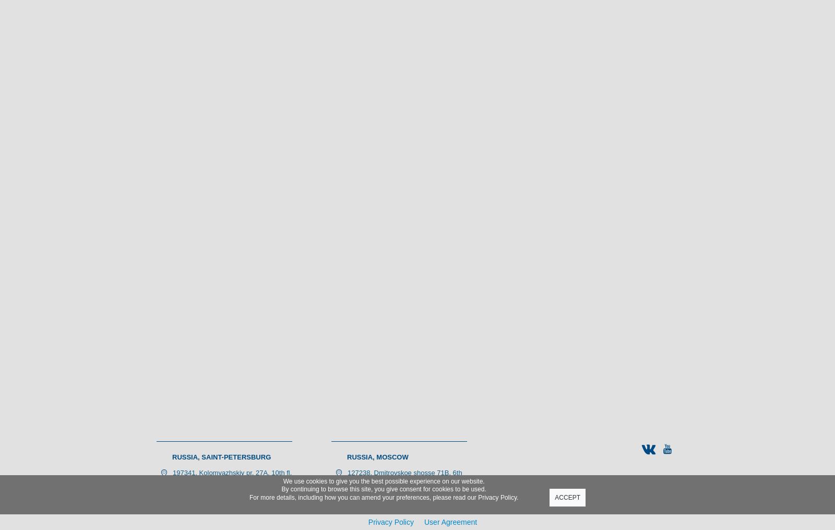 The width and height of the screenshot is (835, 530). What do you see at coordinates (173, 472) in the screenshot?
I see `'197341, Kolomyazhskiy pr, 27A, 10th fl.'` at bounding box center [173, 472].